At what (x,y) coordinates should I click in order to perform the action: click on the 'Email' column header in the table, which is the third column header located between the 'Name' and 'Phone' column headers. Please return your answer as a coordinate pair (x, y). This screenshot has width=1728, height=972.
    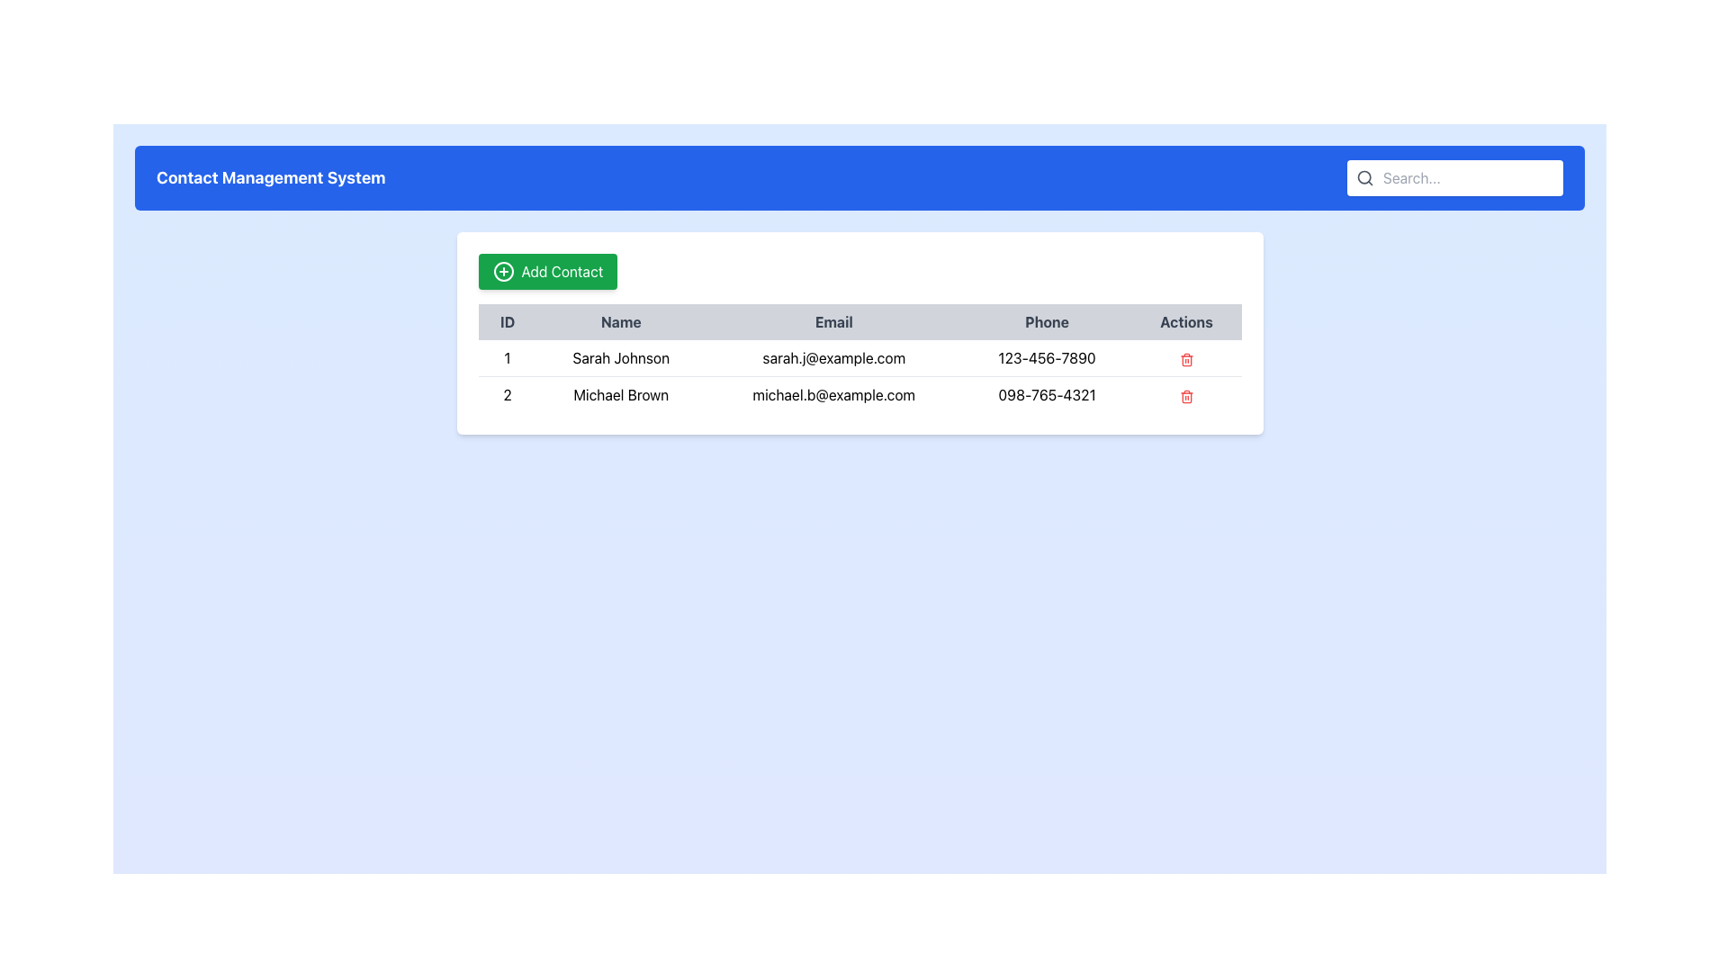
    Looking at the image, I should click on (832, 321).